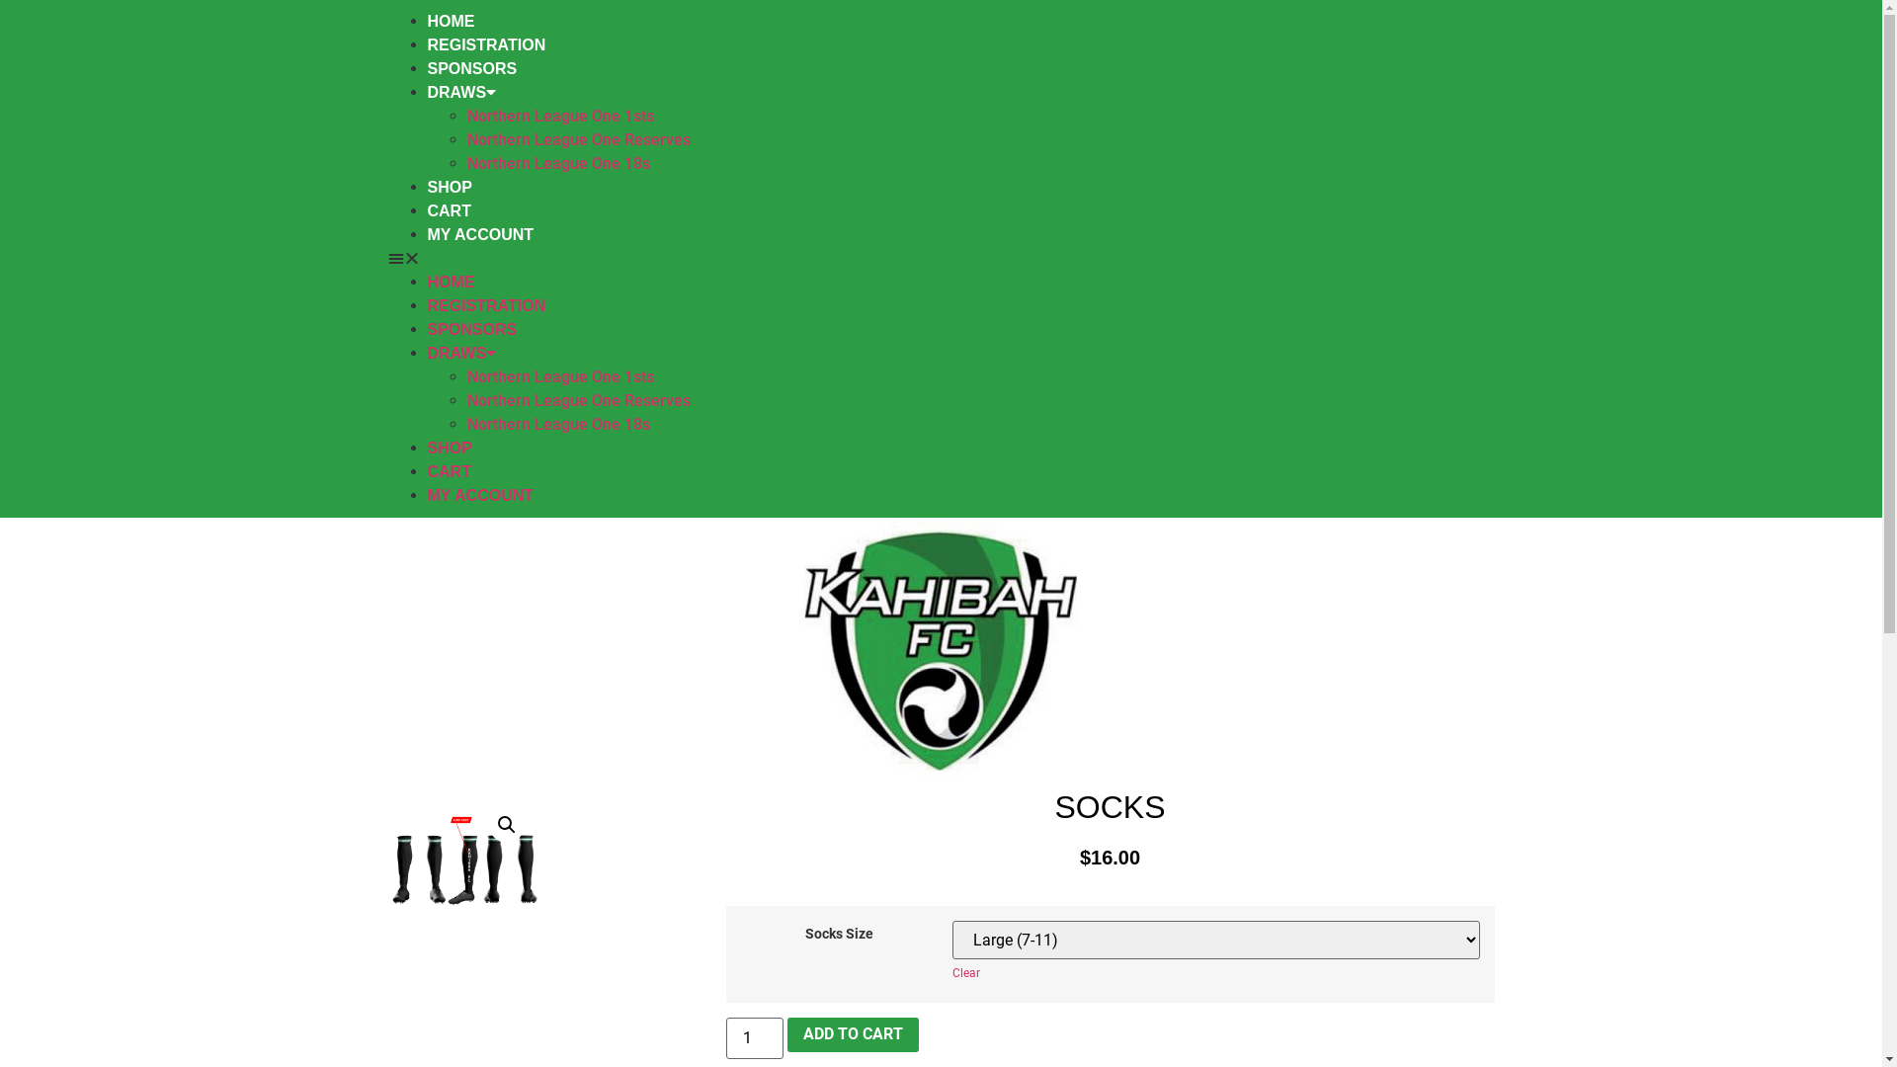 The image size is (1897, 1067). Describe the element at coordinates (459, 92) in the screenshot. I see `'DRAWS'` at that location.